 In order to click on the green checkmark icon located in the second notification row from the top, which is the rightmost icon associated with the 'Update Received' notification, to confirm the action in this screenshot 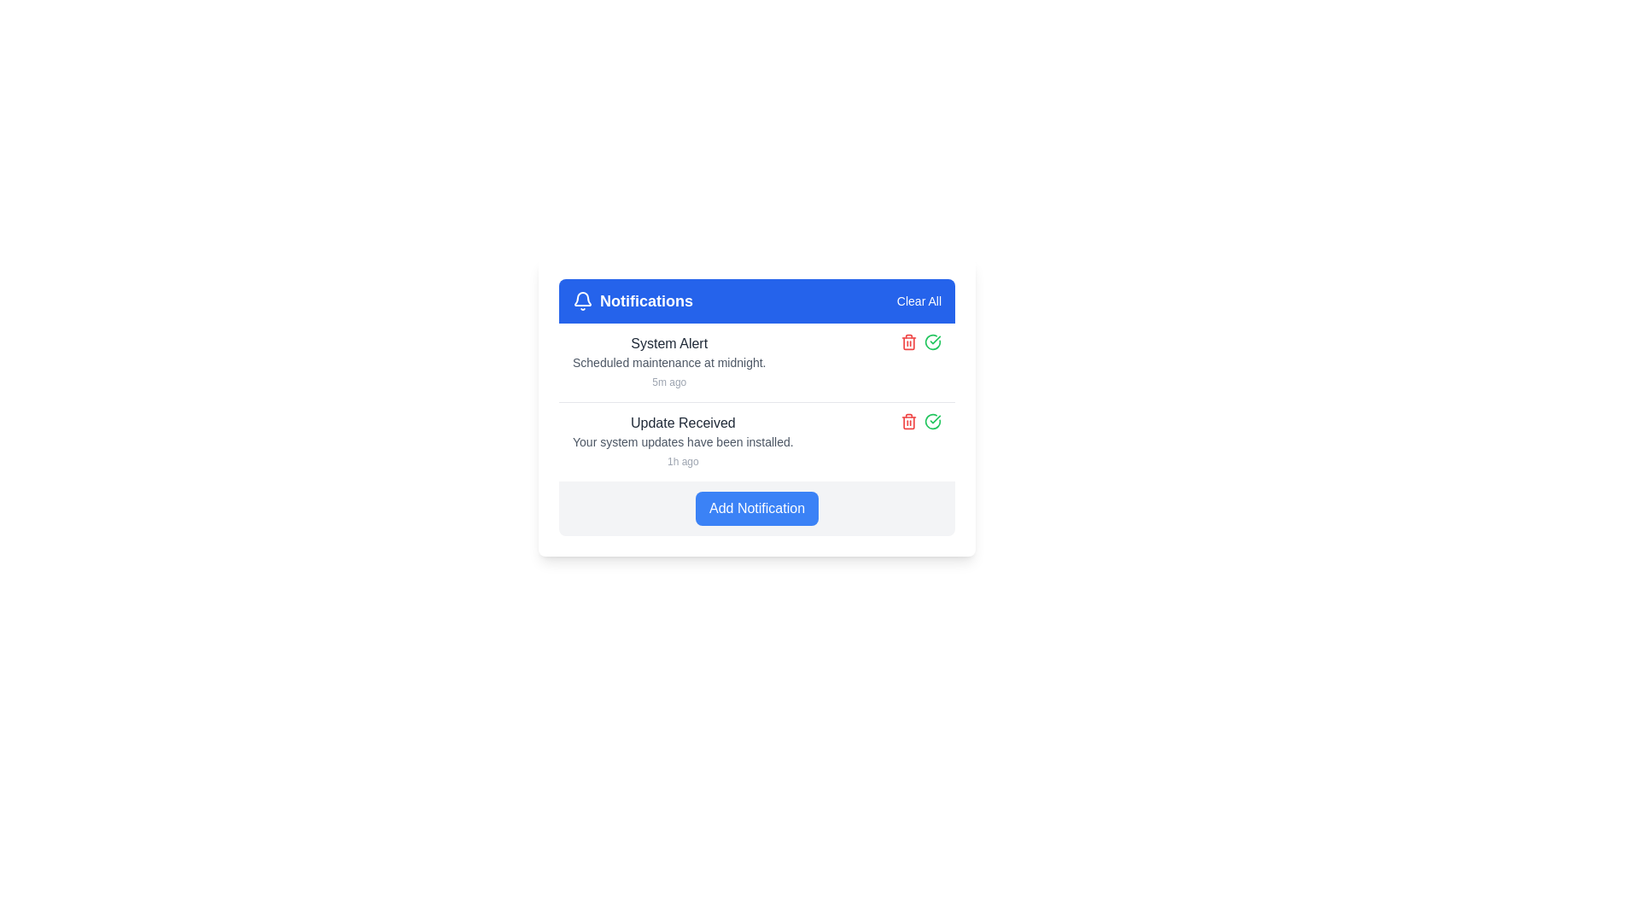, I will do `click(932, 342)`.